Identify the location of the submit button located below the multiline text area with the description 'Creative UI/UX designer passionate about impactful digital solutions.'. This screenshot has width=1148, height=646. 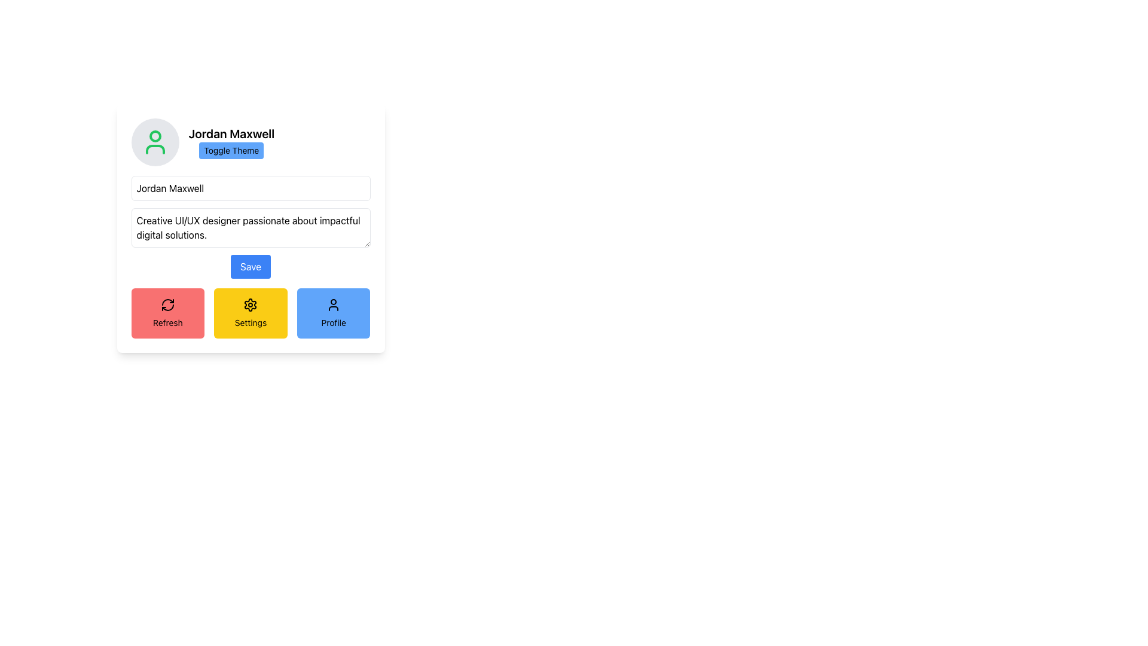
(250, 266).